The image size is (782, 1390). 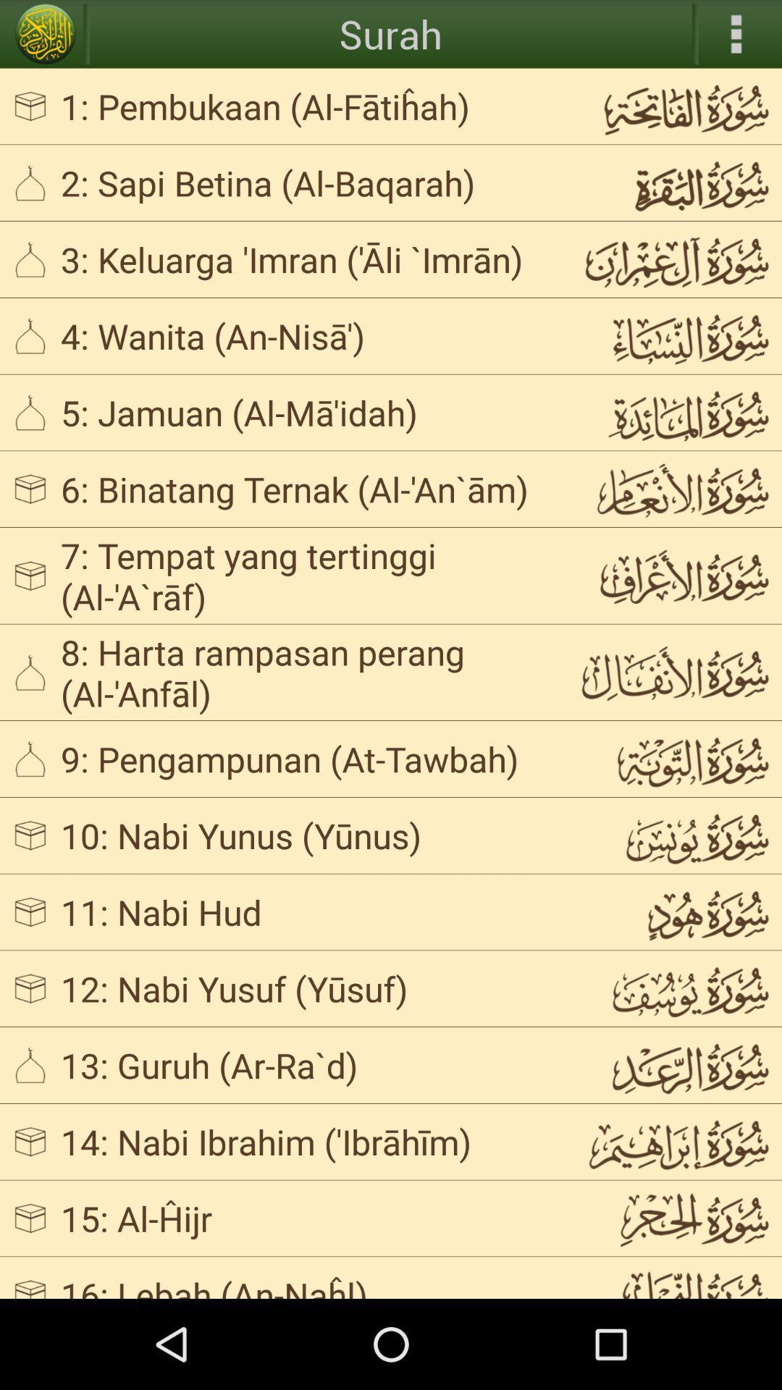 What do you see at coordinates (307, 758) in the screenshot?
I see `app below 8 harta rampasan icon` at bounding box center [307, 758].